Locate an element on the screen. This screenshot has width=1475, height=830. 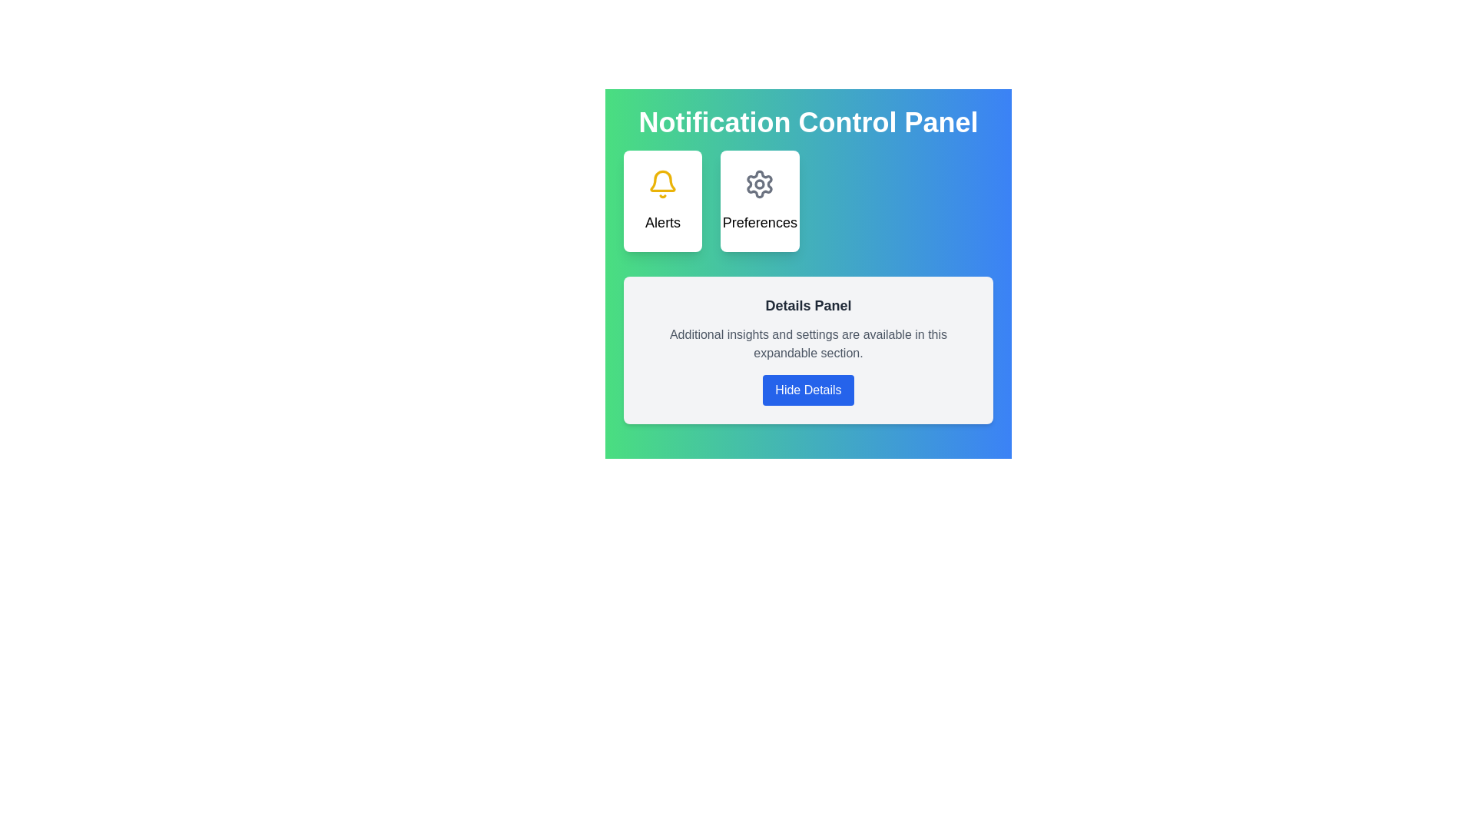
the alert notification indicator located in the top left of the interface within the 'Alerts' box, which has a white background and a shadowed border is located at coordinates (663, 180).